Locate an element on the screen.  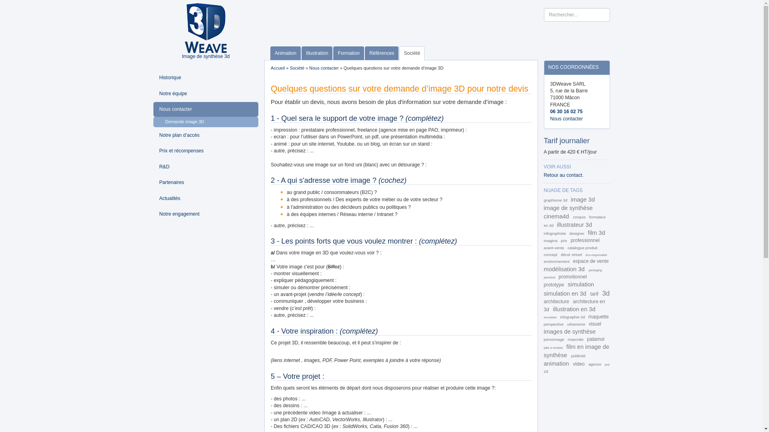
'Demande image 3D' is located at coordinates (205, 122).